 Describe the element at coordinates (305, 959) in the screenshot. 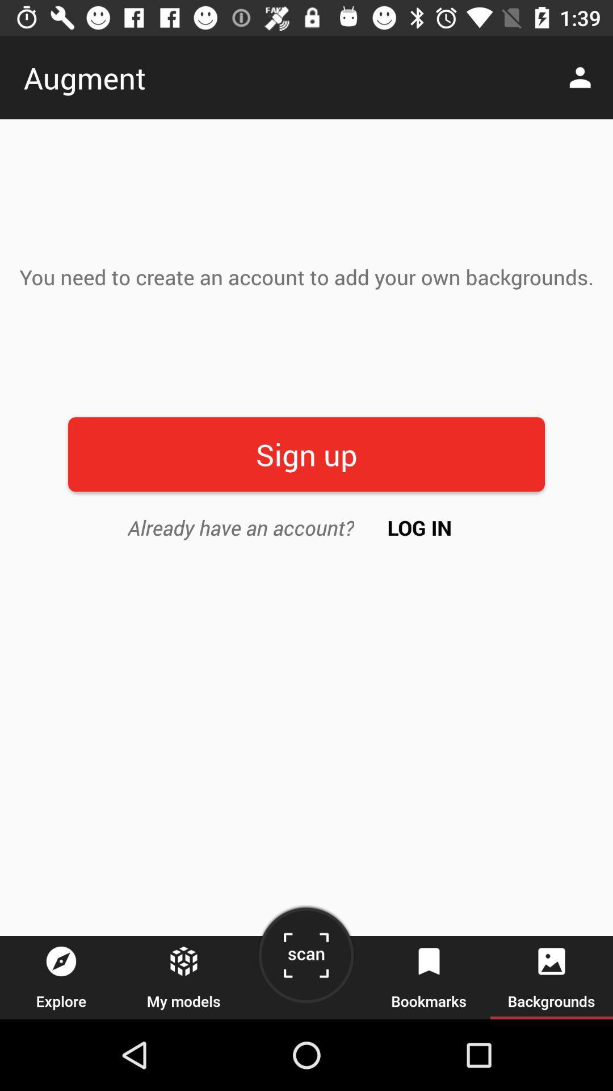

I see `the item next to my models icon` at that location.